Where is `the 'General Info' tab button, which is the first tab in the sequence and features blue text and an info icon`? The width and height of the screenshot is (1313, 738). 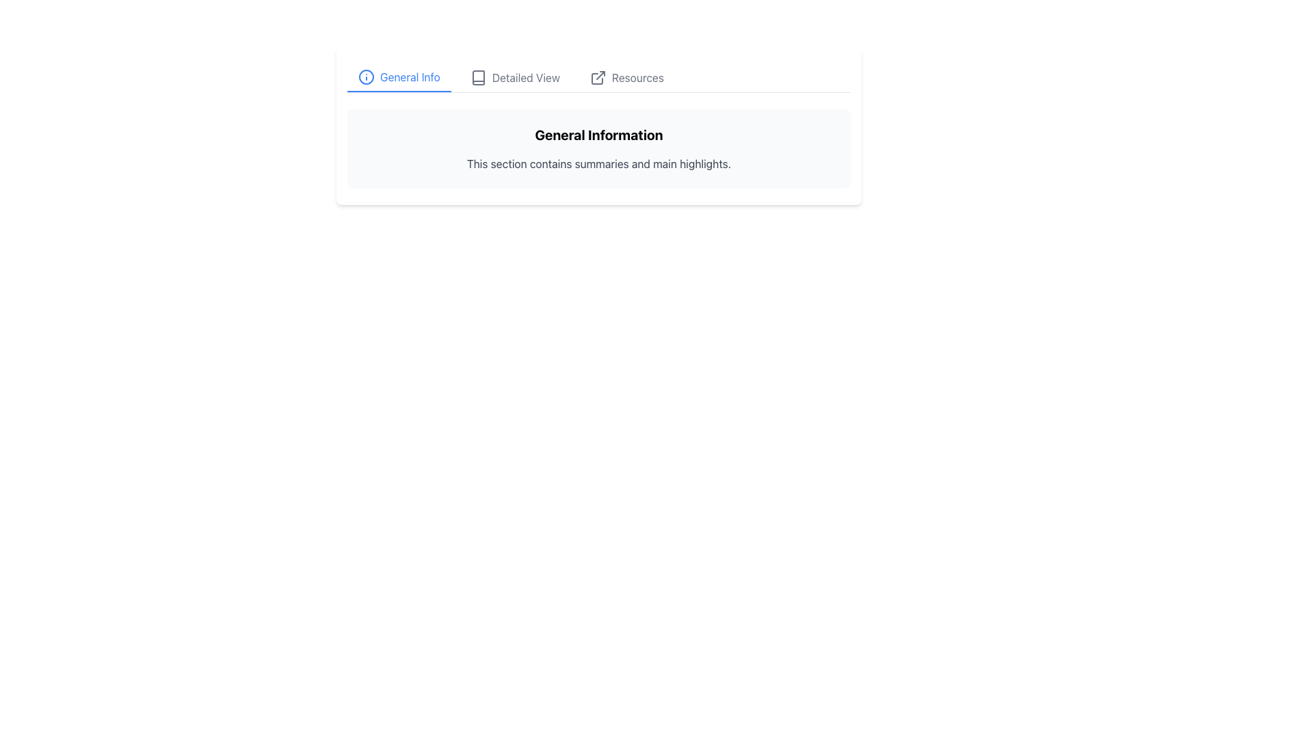
the 'General Info' tab button, which is the first tab in the sequence and features blue text and an info icon is located at coordinates (398, 78).